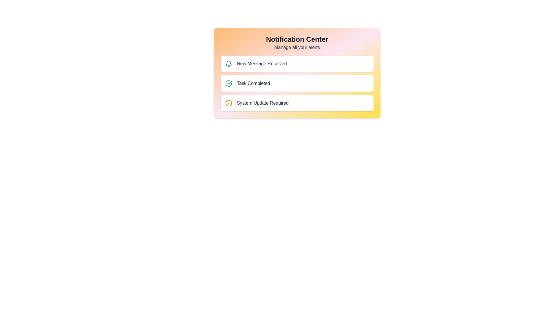 This screenshot has height=313, width=556. I want to click on the notification icon for System Update Required, so click(228, 103).